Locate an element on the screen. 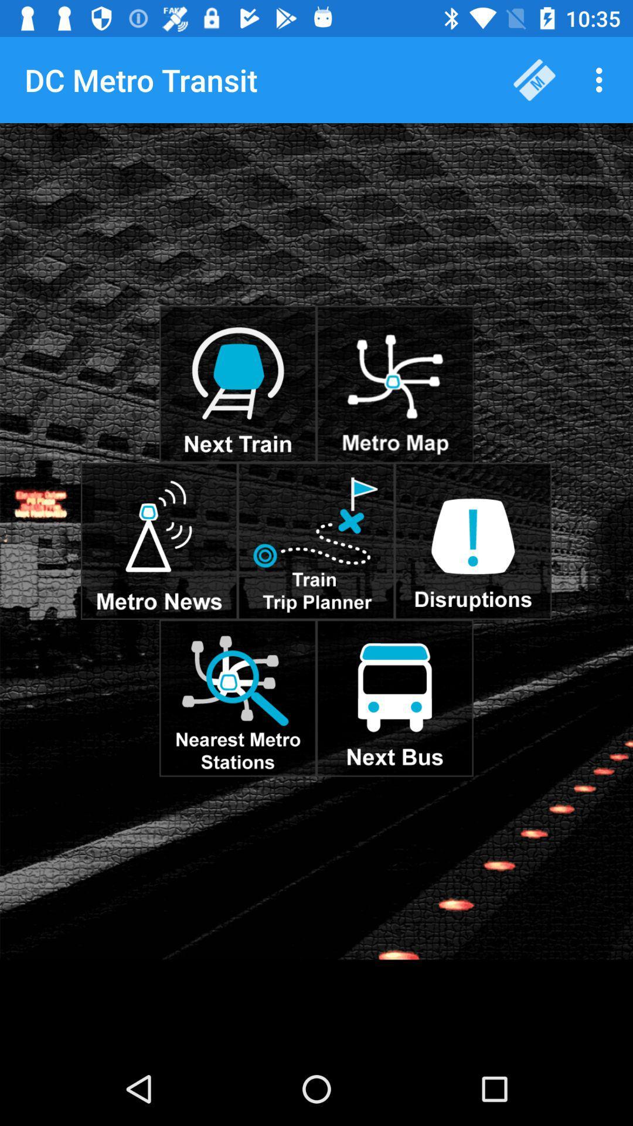 This screenshot has height=1126, width=633. find next train is located at coordinates (237, 384).